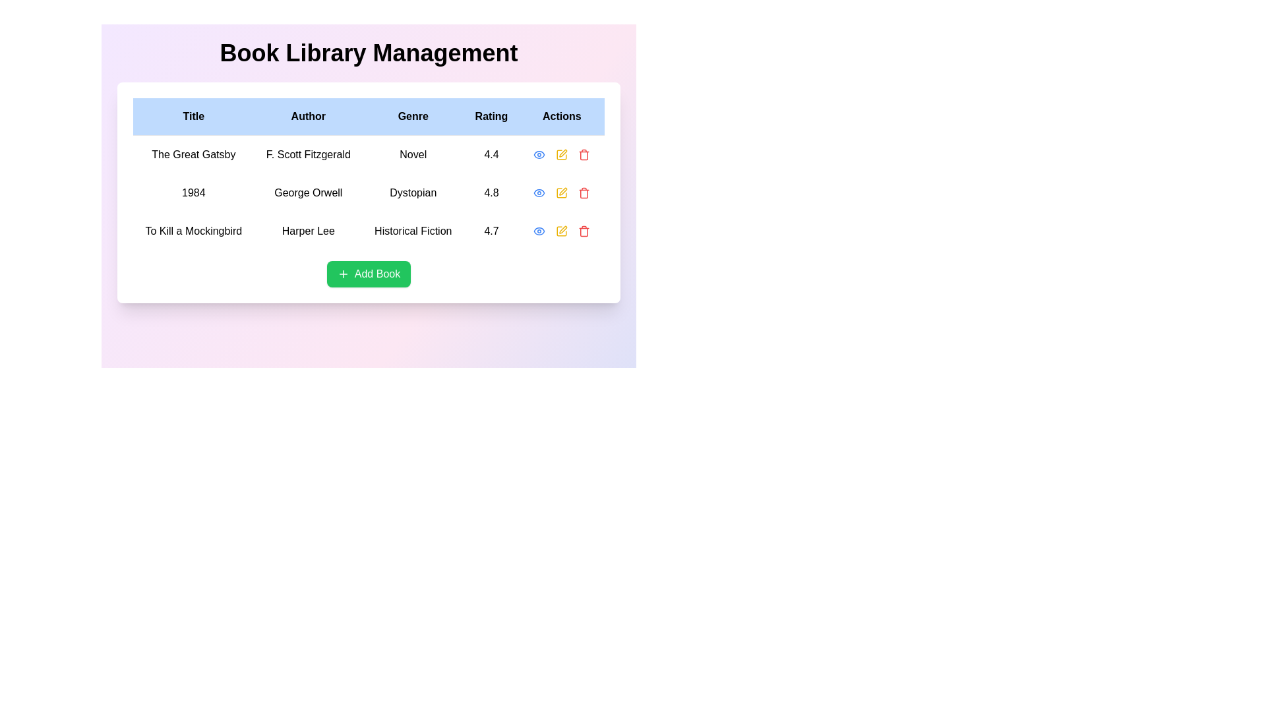 This screenshot has height=712, width=1266. Describe the element at coordinates (562, 154) in the screenshot. I see `the edit action button located in the 'Actions' column of the first row of the table` at that location.